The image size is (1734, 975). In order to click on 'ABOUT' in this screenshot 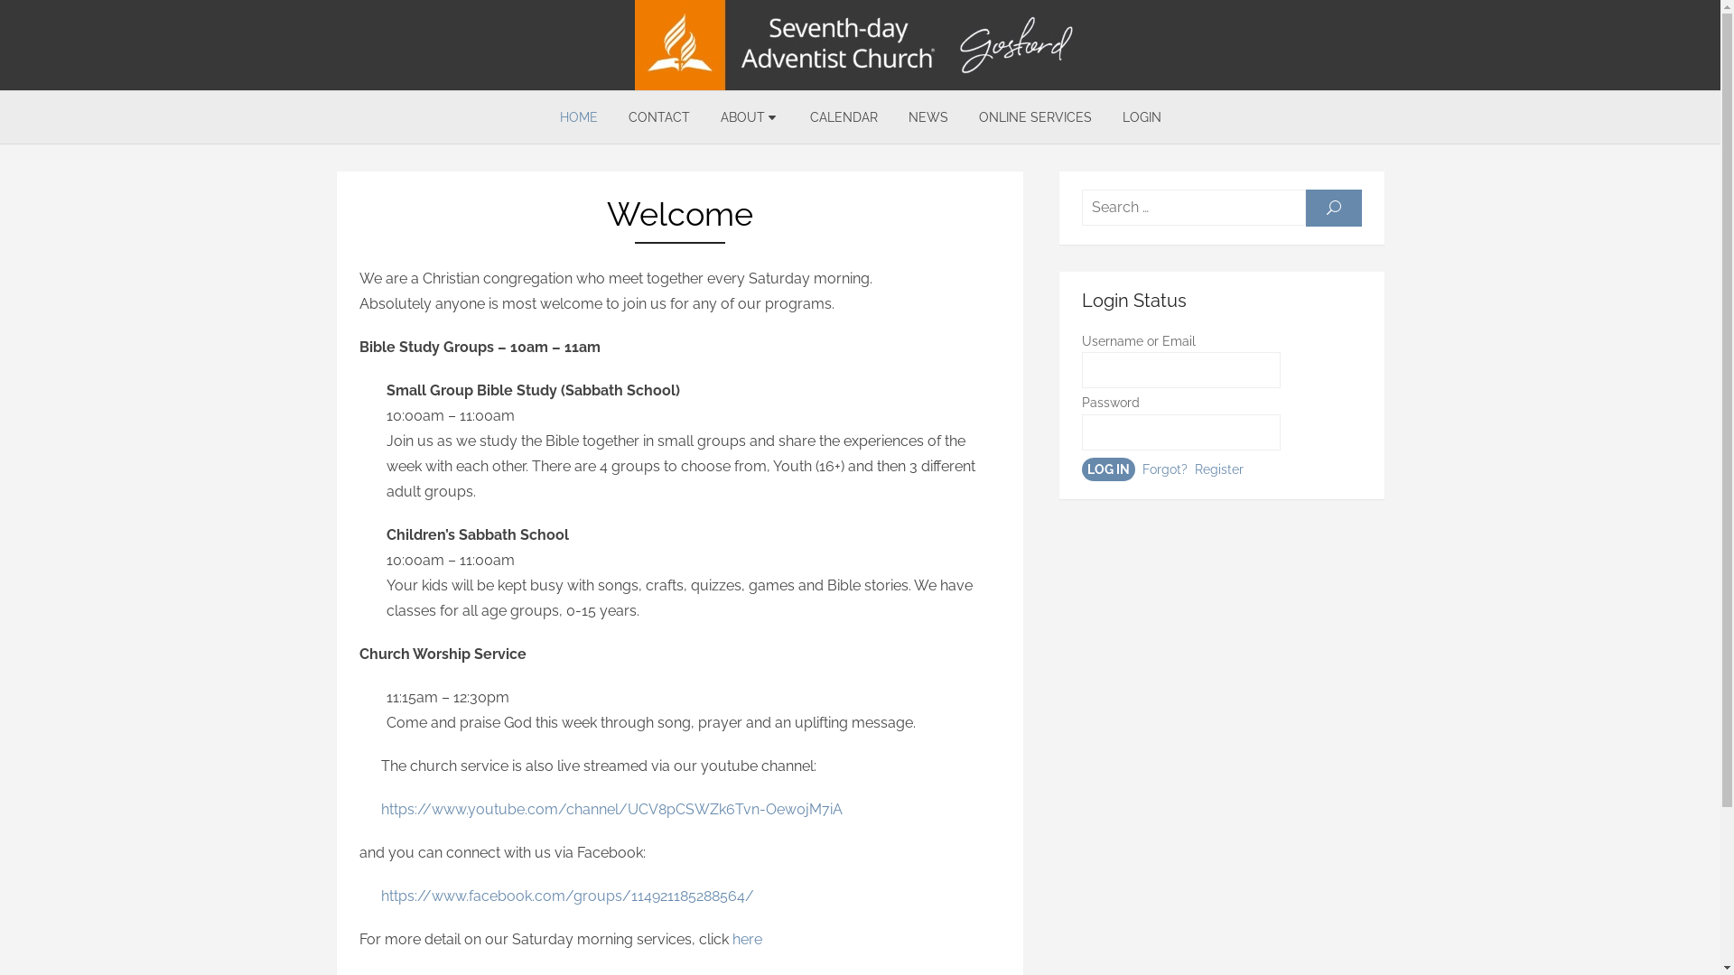, I will do `click(749, 117)`.